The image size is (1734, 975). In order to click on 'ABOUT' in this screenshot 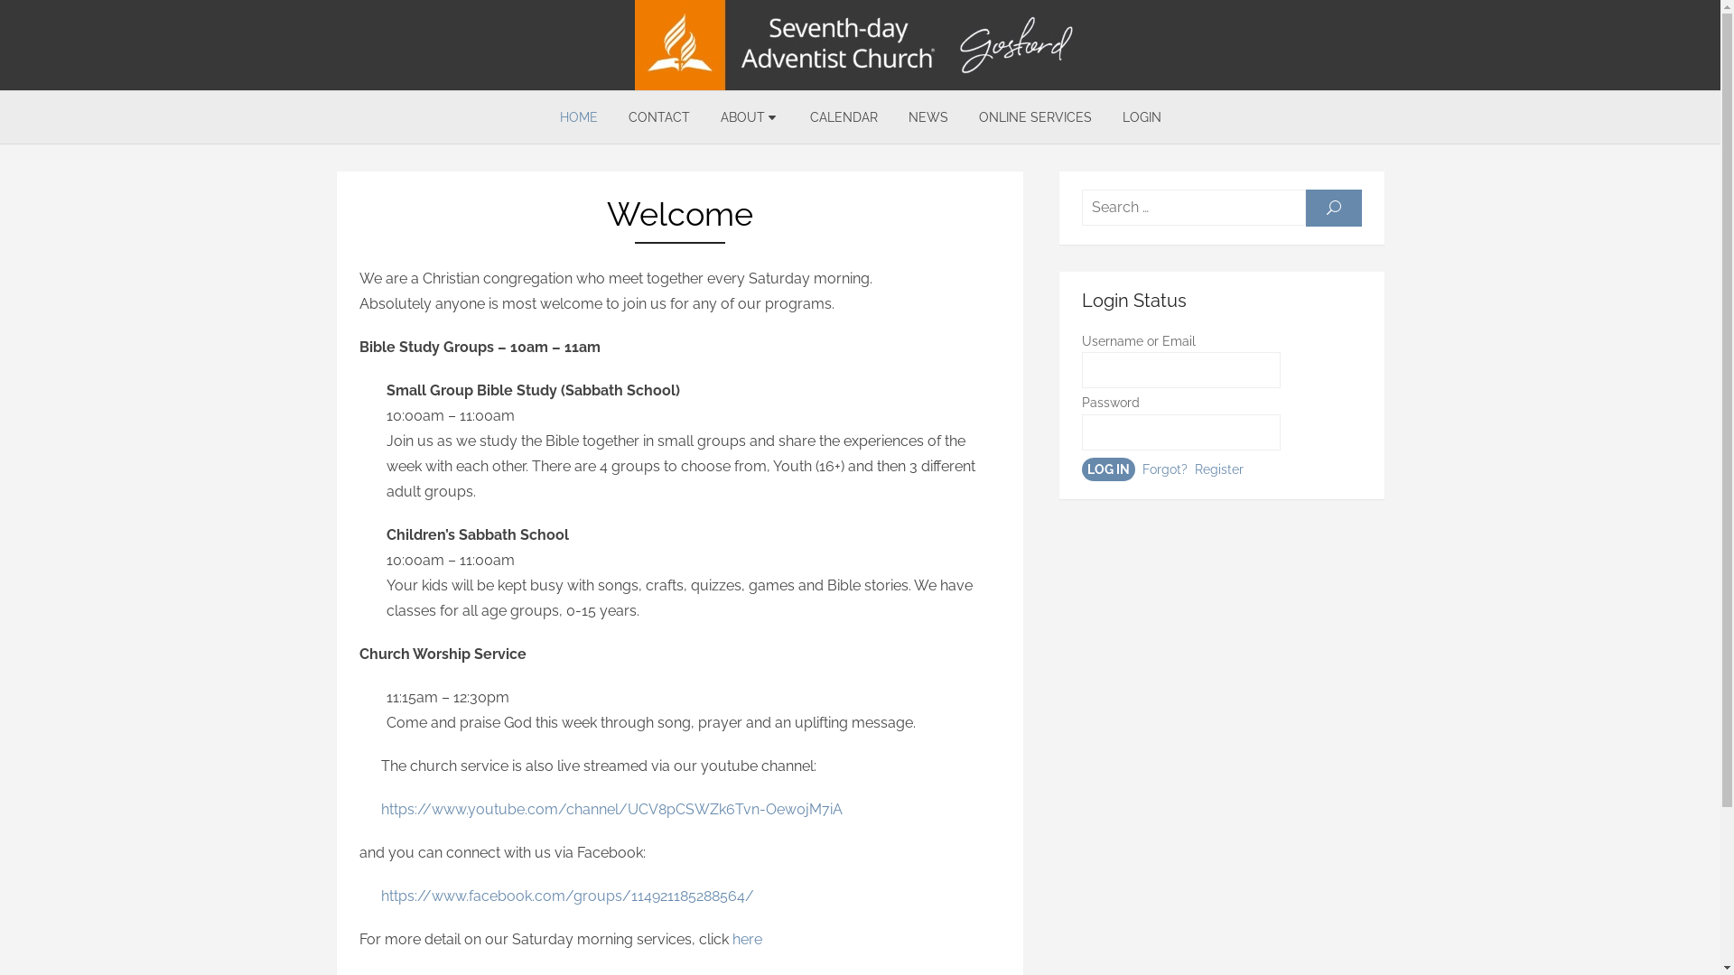, I will do `click(749, 117)`.